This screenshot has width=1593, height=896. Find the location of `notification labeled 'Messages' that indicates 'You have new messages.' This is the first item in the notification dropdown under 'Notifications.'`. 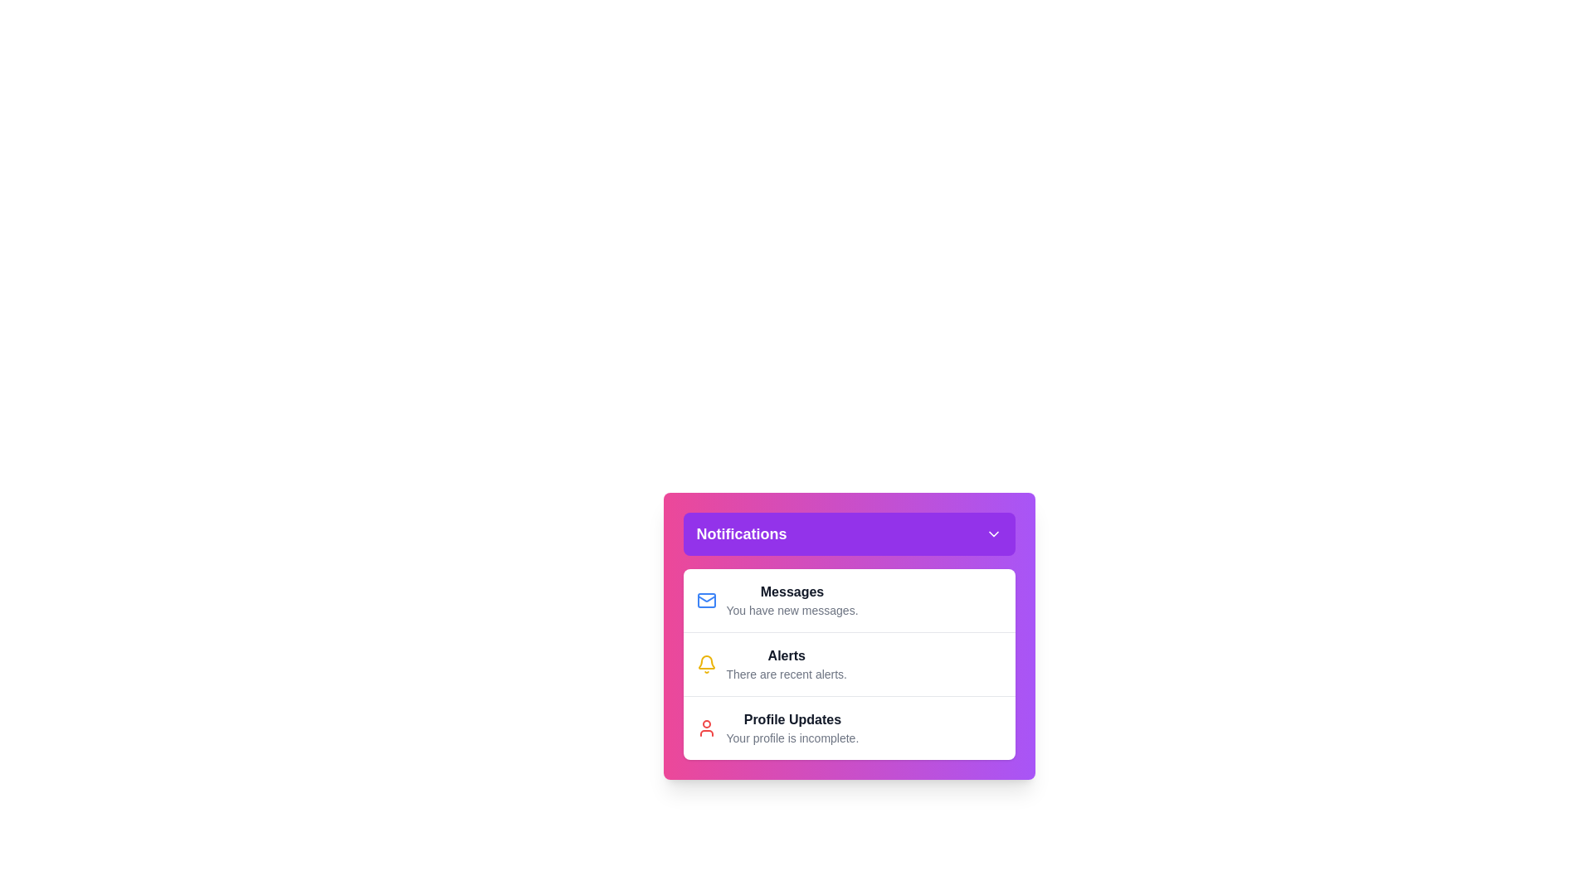

notification labeled 'Messages' that indicates 'You have new messages.' This is the first item in the notification dropdown under 'Notifications.' is located at coordinates (792, 601).